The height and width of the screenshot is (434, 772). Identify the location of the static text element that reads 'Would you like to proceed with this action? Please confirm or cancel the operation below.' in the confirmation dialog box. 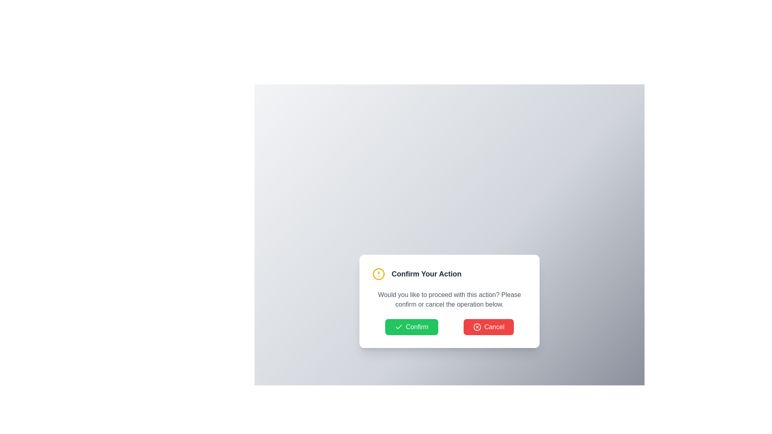
(449, 299).